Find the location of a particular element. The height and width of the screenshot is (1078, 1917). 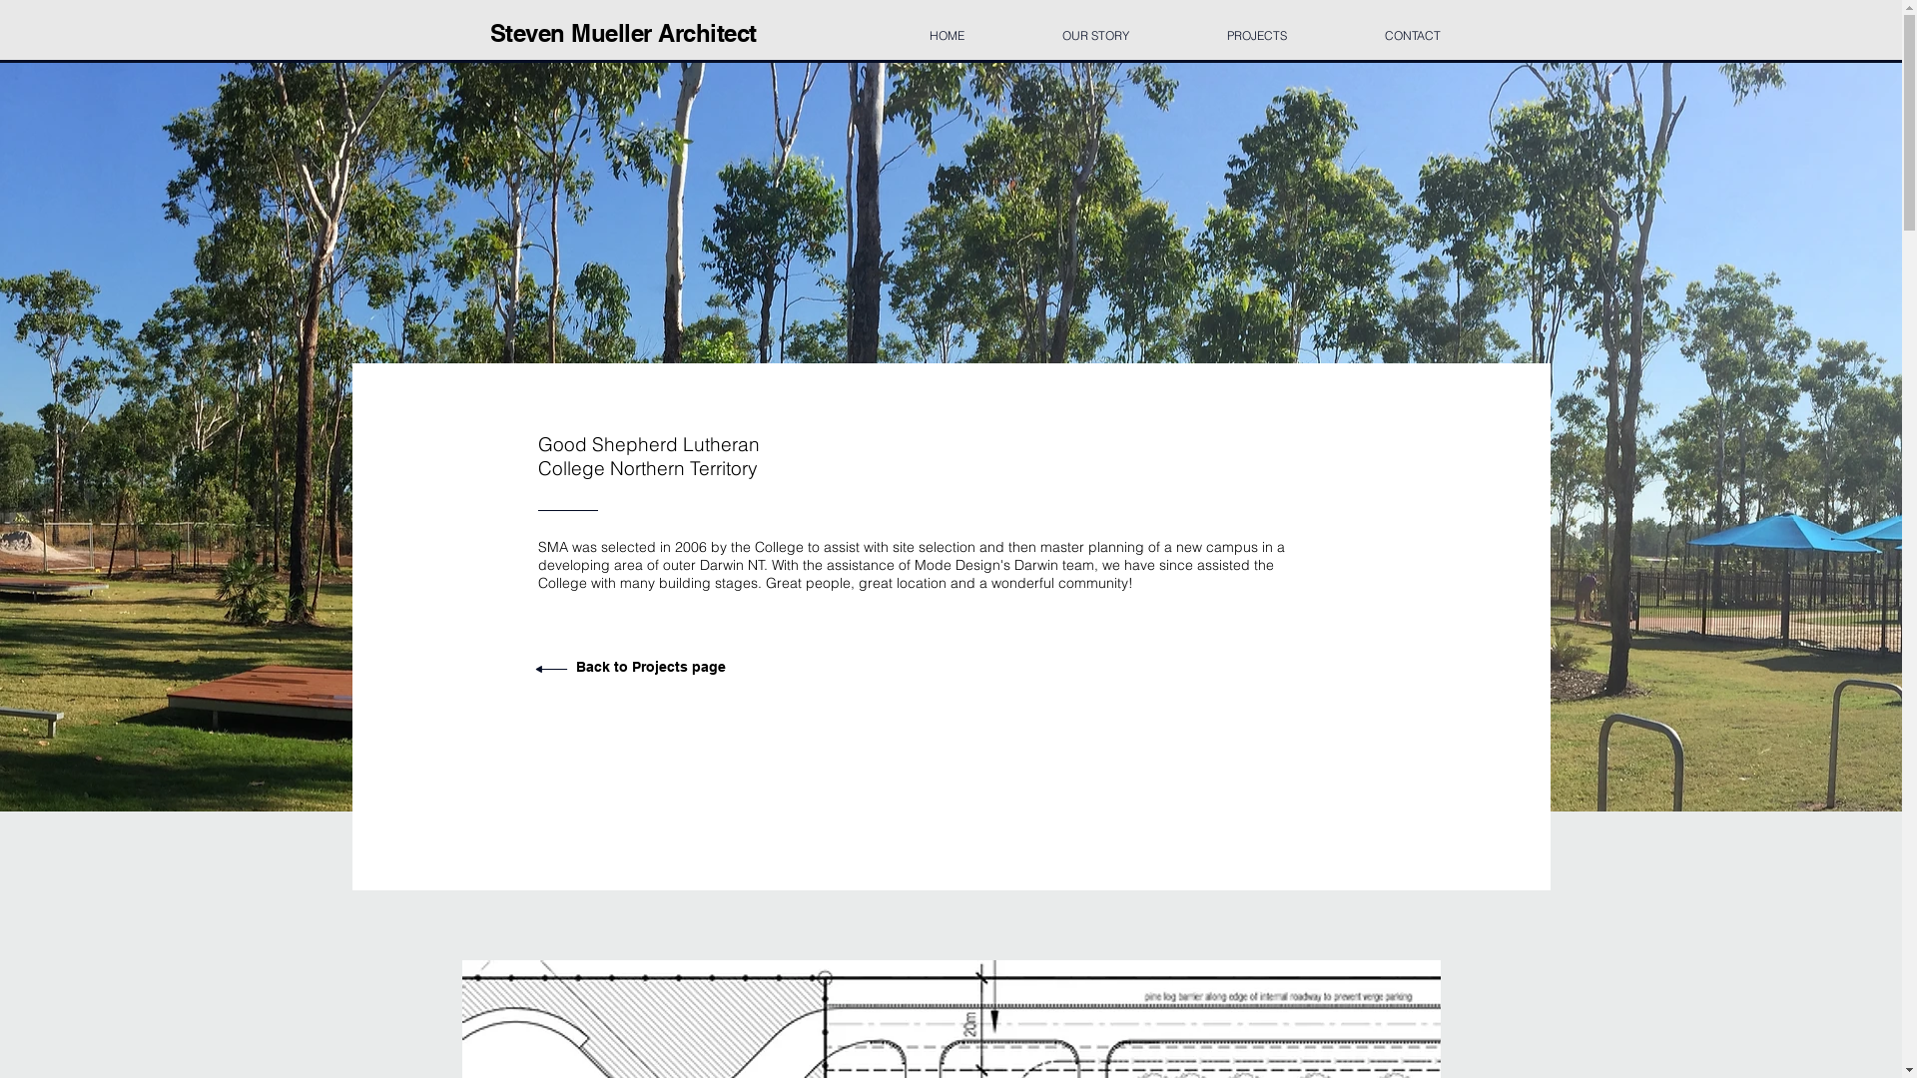

'HOME' is located at coordinates (946, 27).